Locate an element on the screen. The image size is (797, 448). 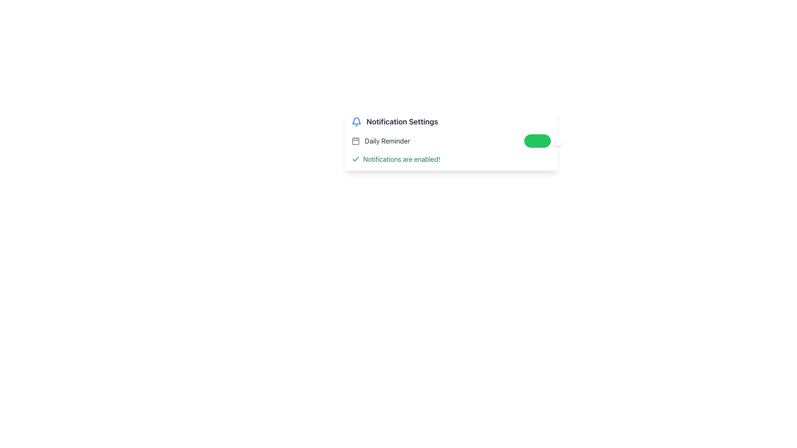
the green checkmark icon indicating that notifications are enabled, which is located to the left of the text 'Notifications are enabled!' in the notification settings area is located at coordinates (356, 159).